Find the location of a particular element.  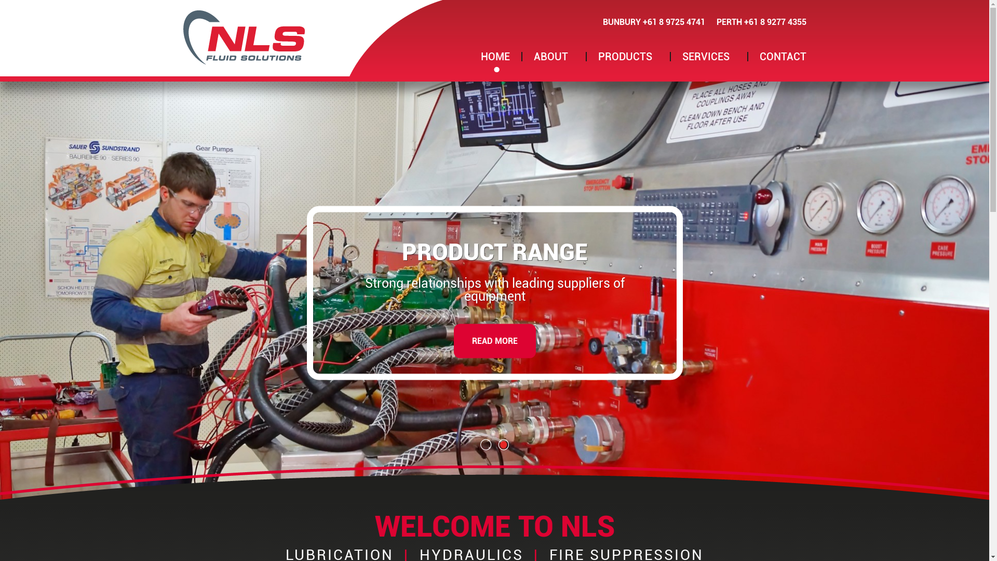

'BUNBURY +61 8 9725 4741' is located at coordinates (653, 22).